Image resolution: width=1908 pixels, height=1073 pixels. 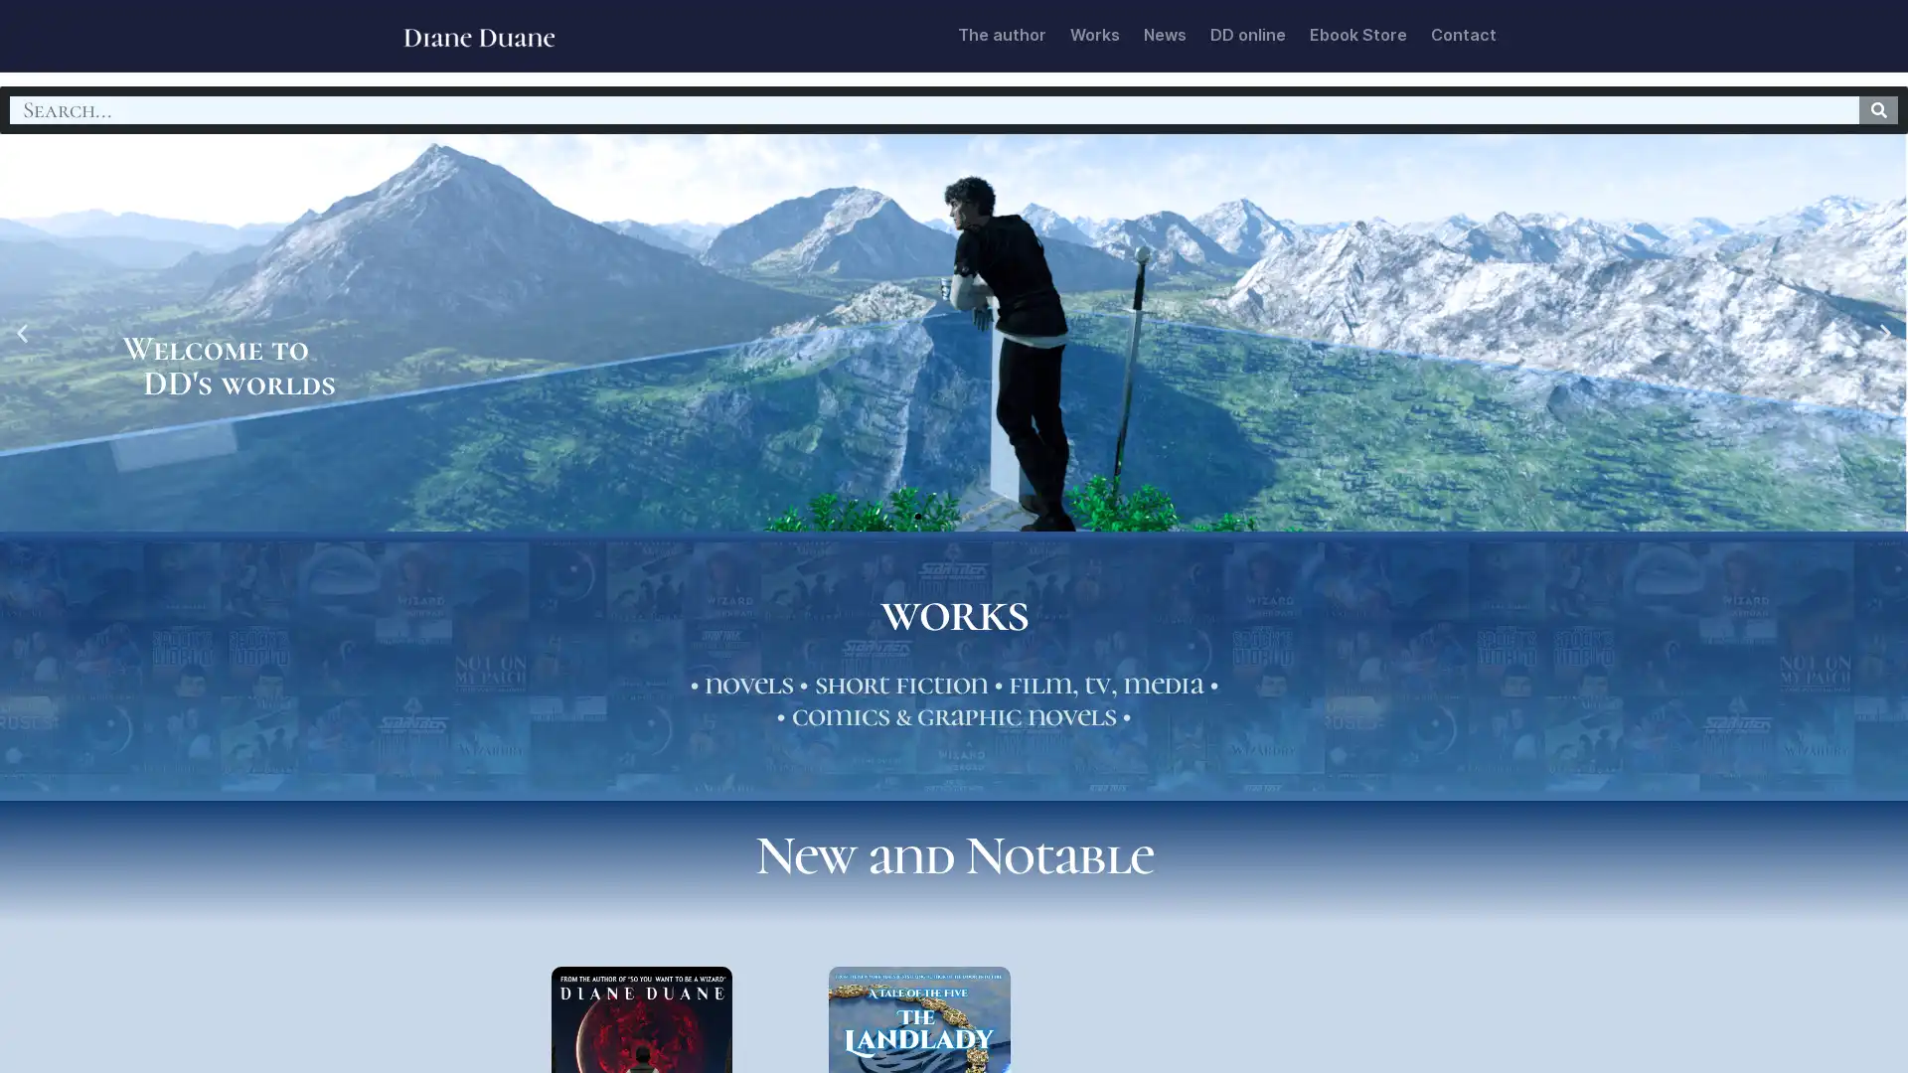 I want to click on Go to slide 2, so click(x=934, y=525).